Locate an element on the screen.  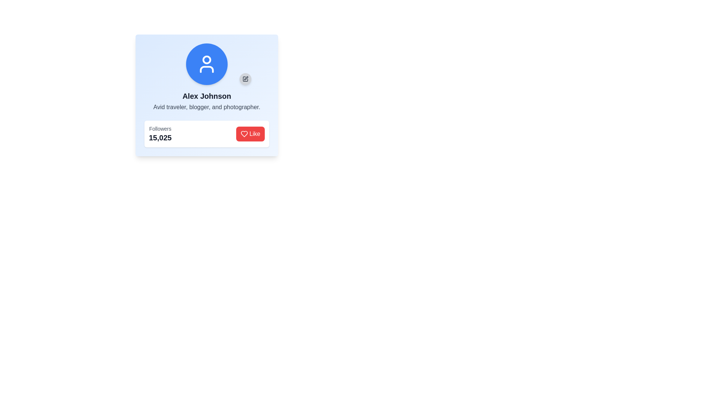
the red heart-shaped SVG icon within the 'Like' button located at the bottom right corner of the user profile card to interact with the like button is located at coordinates (244, 134).